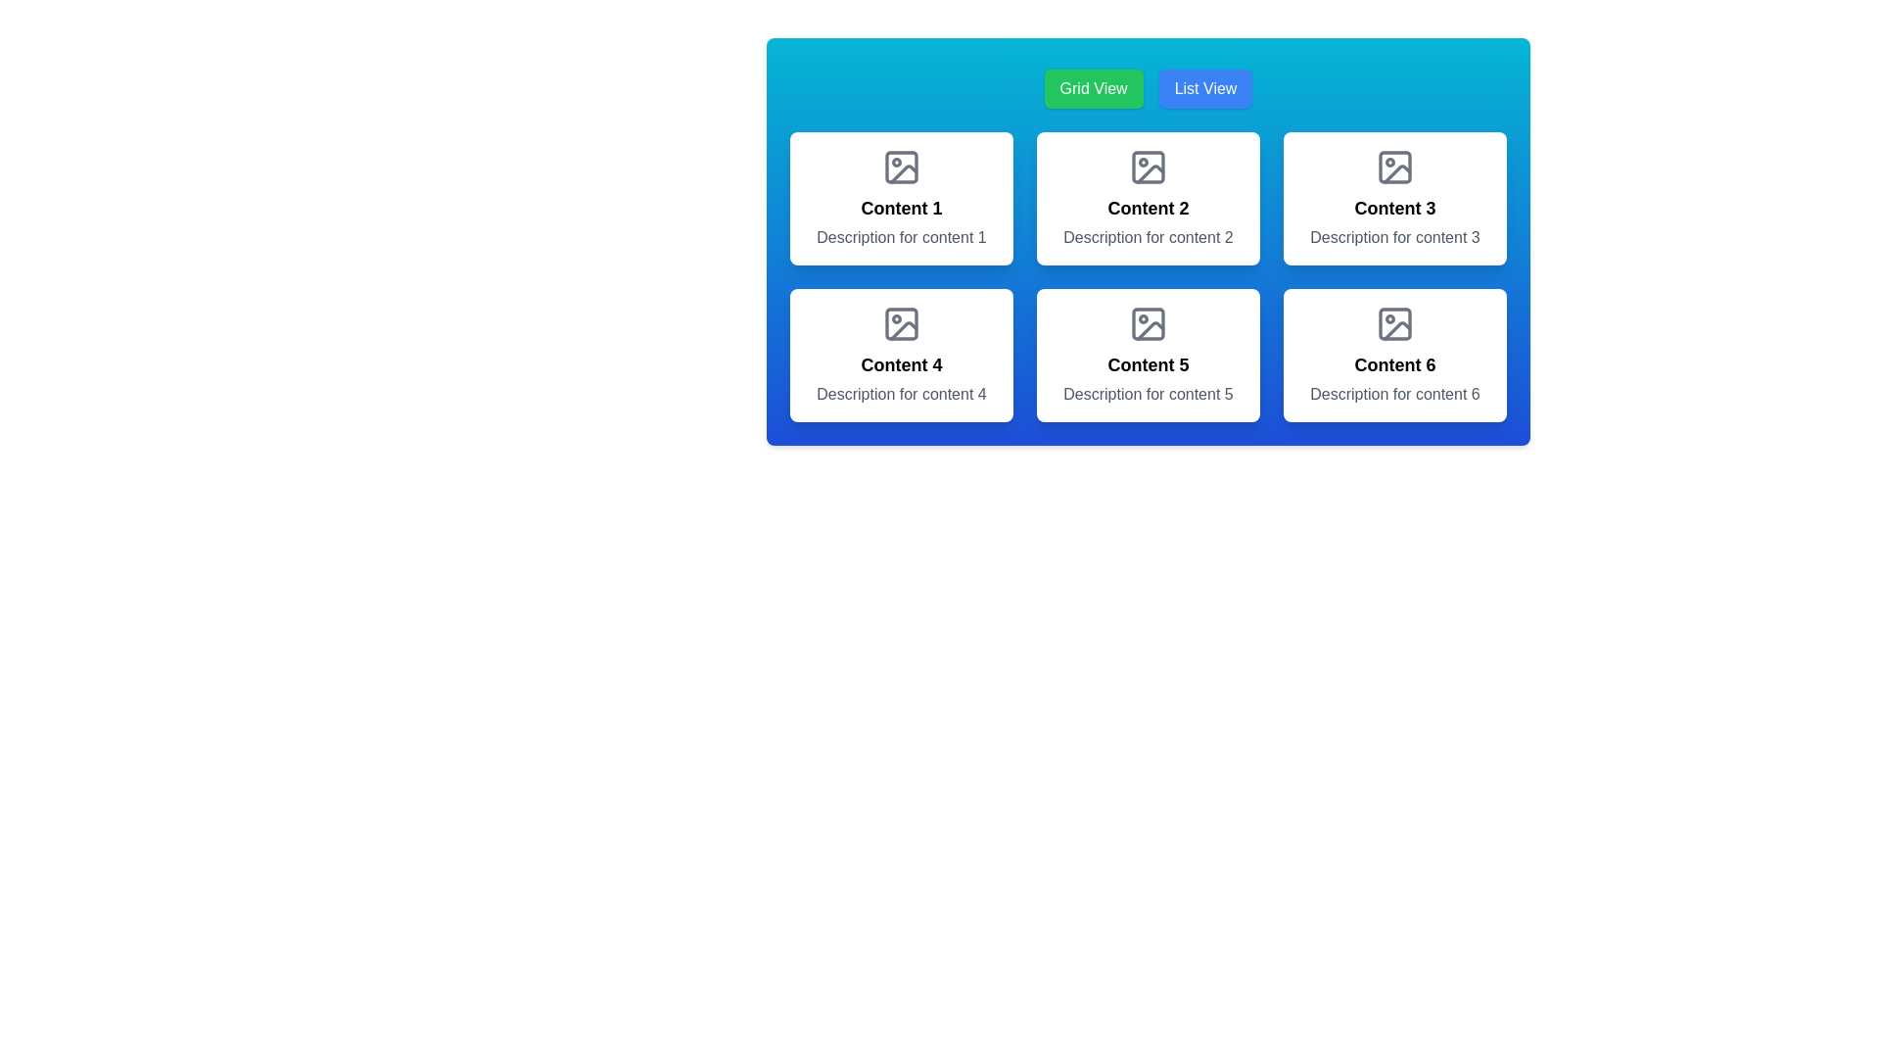 This screenshot has width=1880, height=1058. What do you see at coordinates (901, 355) in the screenshot?
I see `the fourth card in the 3x2 grid layout that represents 'Content 4'` at bounding box center [901, 355].